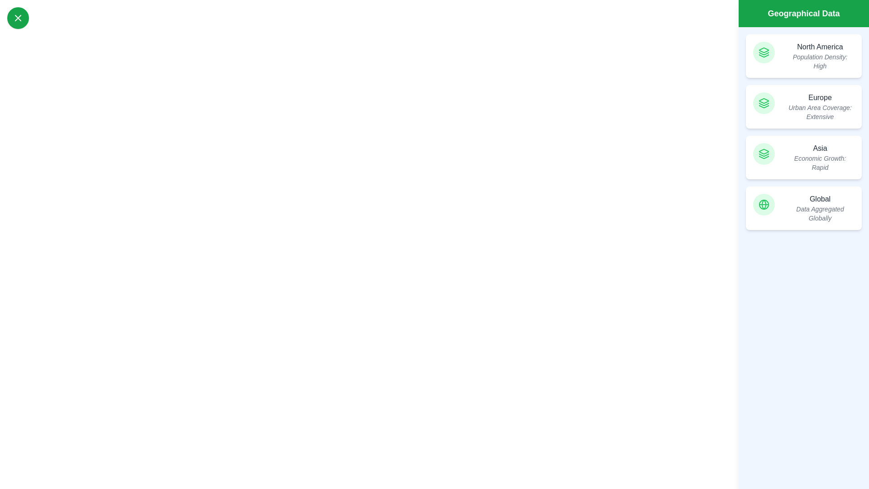  What do you see at coordinates (804, 208) in the screenshot?
I see `the region Global to view its details` at bounding box center [804, 208].